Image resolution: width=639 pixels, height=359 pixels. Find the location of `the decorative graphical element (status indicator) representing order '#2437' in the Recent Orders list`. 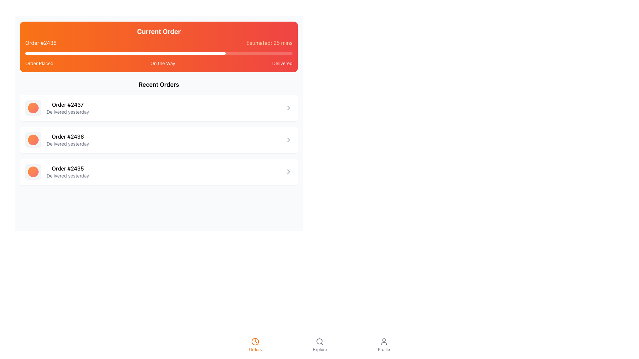

the decorative graphical element (status indicator) representing order '#2437' in the Recent Orders list is located at coordinates (33, 107).